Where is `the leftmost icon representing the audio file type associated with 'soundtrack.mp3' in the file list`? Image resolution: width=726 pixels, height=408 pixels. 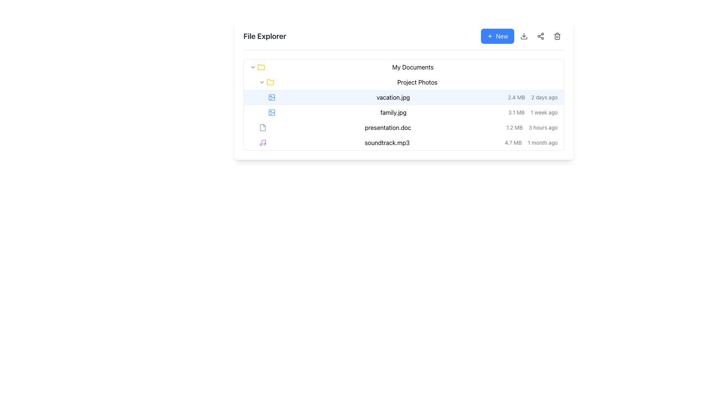
the leftmost icon representing the audio file type associated with 'soundtrack.mp3' in the file list is located at coordinates (263, 143).